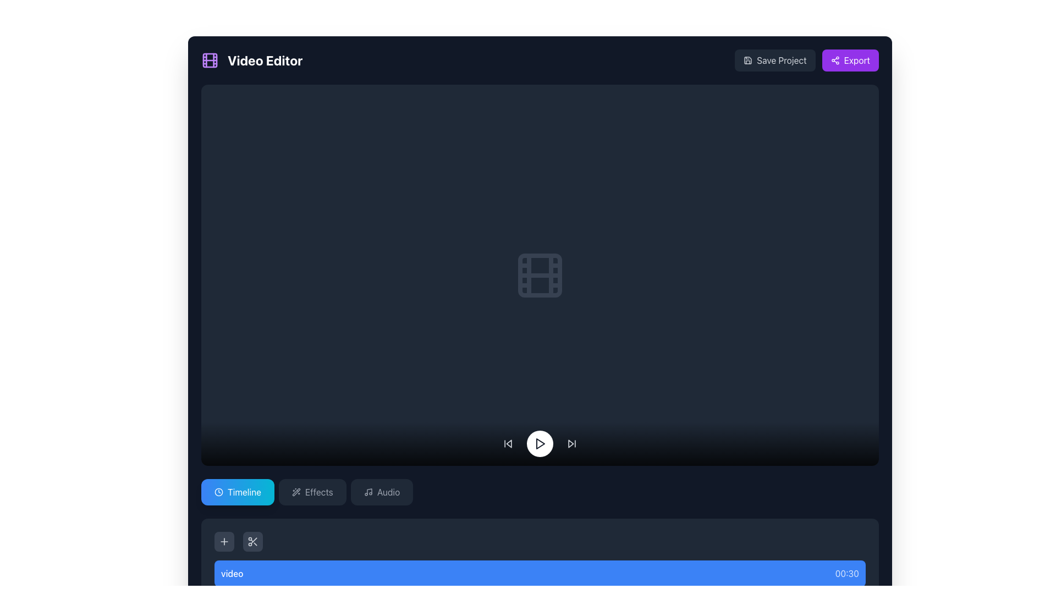 This screenshot has height=594, width=1056. Describe the element at coordinates (318, 491) in the screenshot. I see `the 'Effects' text label located in the lower control panel of the interface, positioned between the timeline button and the 'Audio' button` at that location.